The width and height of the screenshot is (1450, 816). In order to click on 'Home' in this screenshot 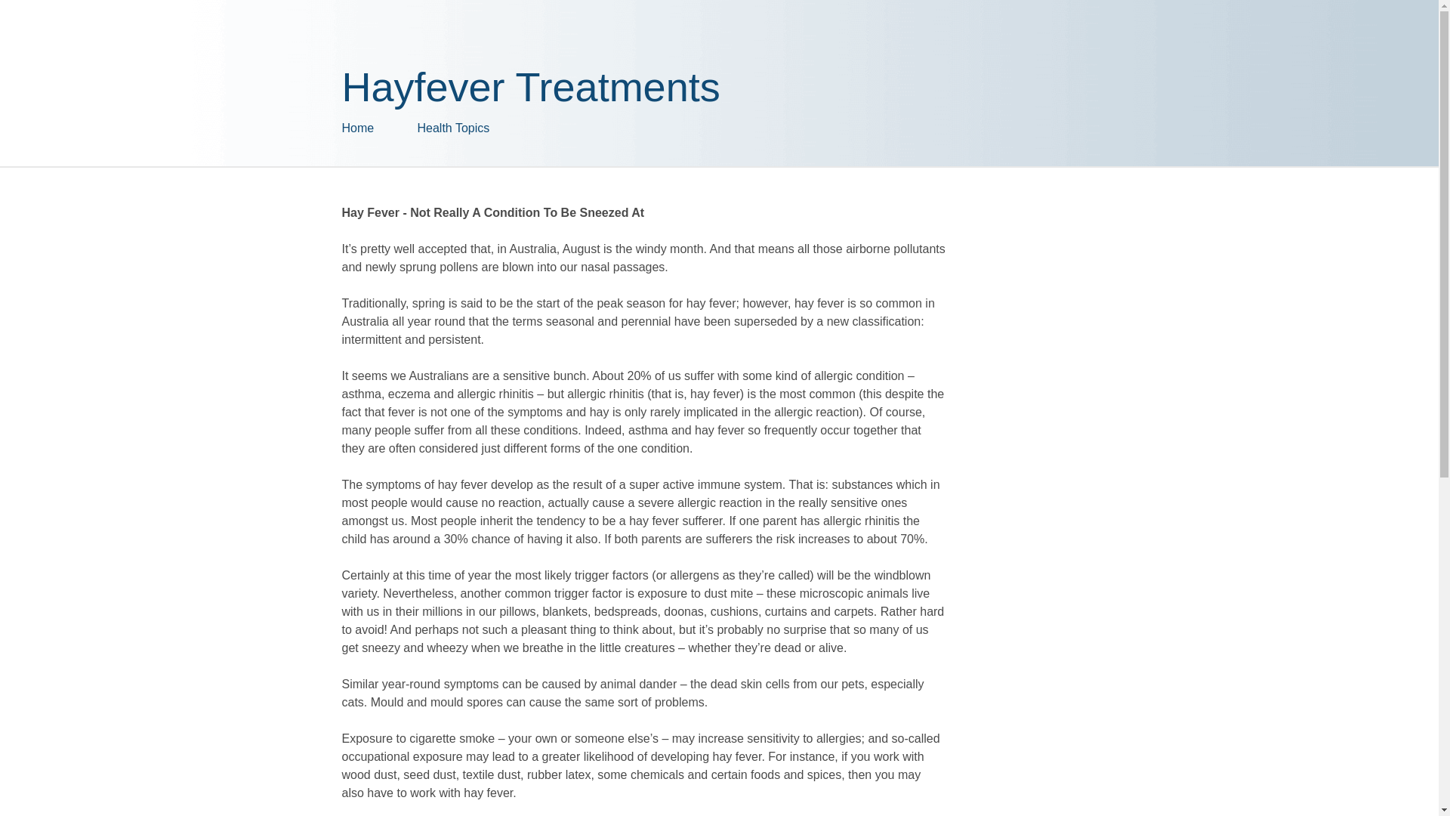, I will do `click(379, 127)`.